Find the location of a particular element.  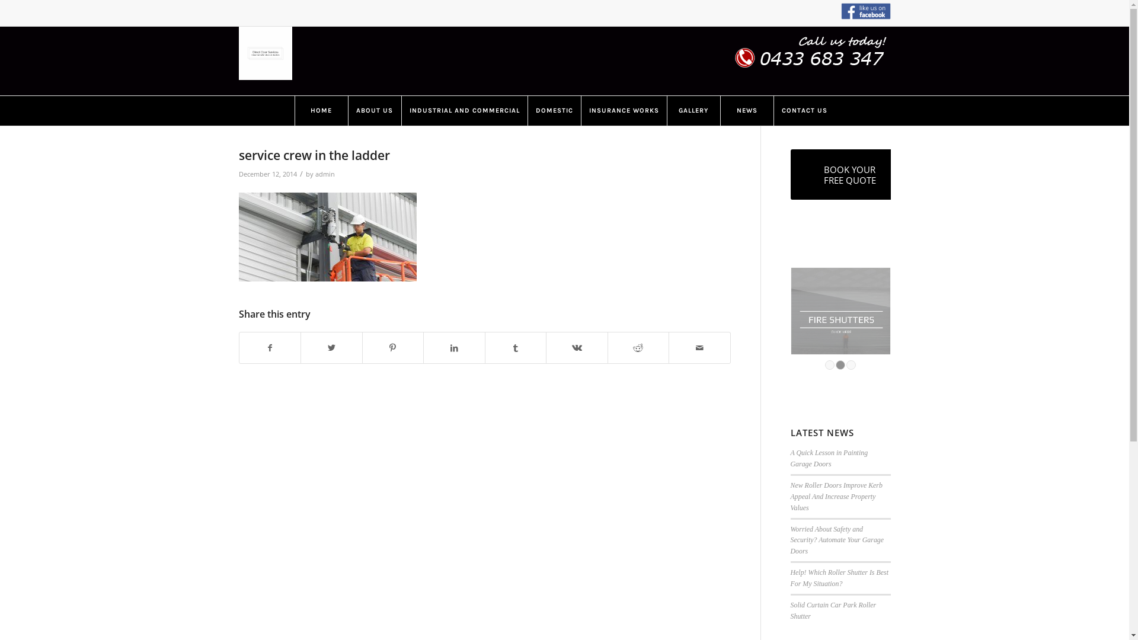

'Solid Curtain Car Park Roller Shutter' is located at coordinates (833, 610).